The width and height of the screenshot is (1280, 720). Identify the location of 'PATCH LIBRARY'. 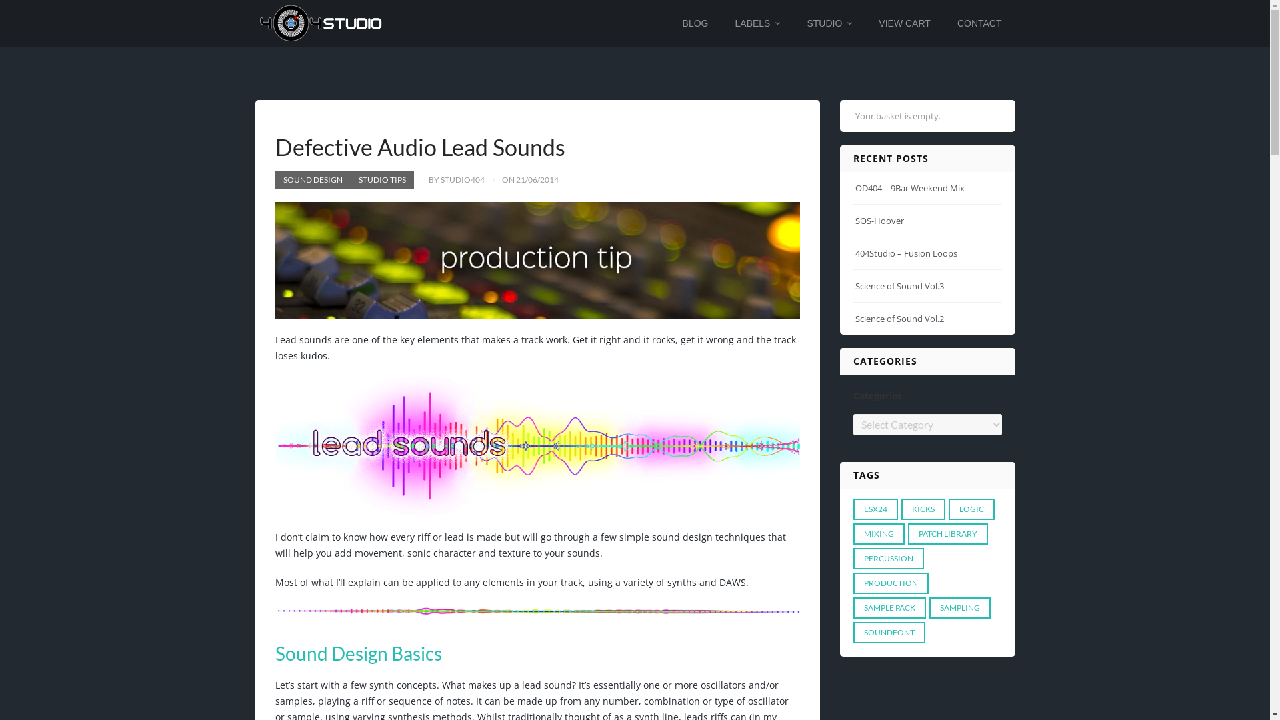
(947, 533).